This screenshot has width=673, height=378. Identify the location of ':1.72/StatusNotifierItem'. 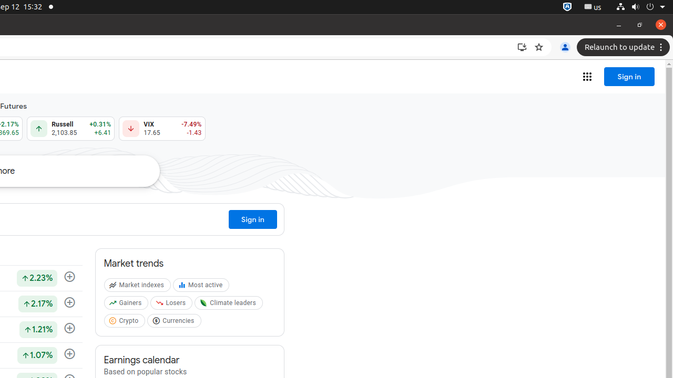
(567, 7).